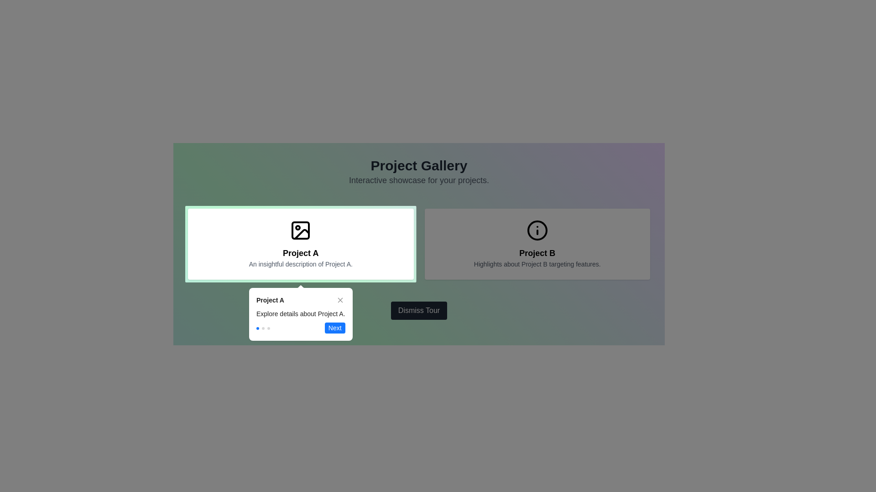 The height and width of the screenshot is (492, 876). Describe the element at coordinates (418, 165) in the screenshot. I see `text heading 'Project Gallery' which is displayed in bold, large, centered black font at the top center of the page` at that location.